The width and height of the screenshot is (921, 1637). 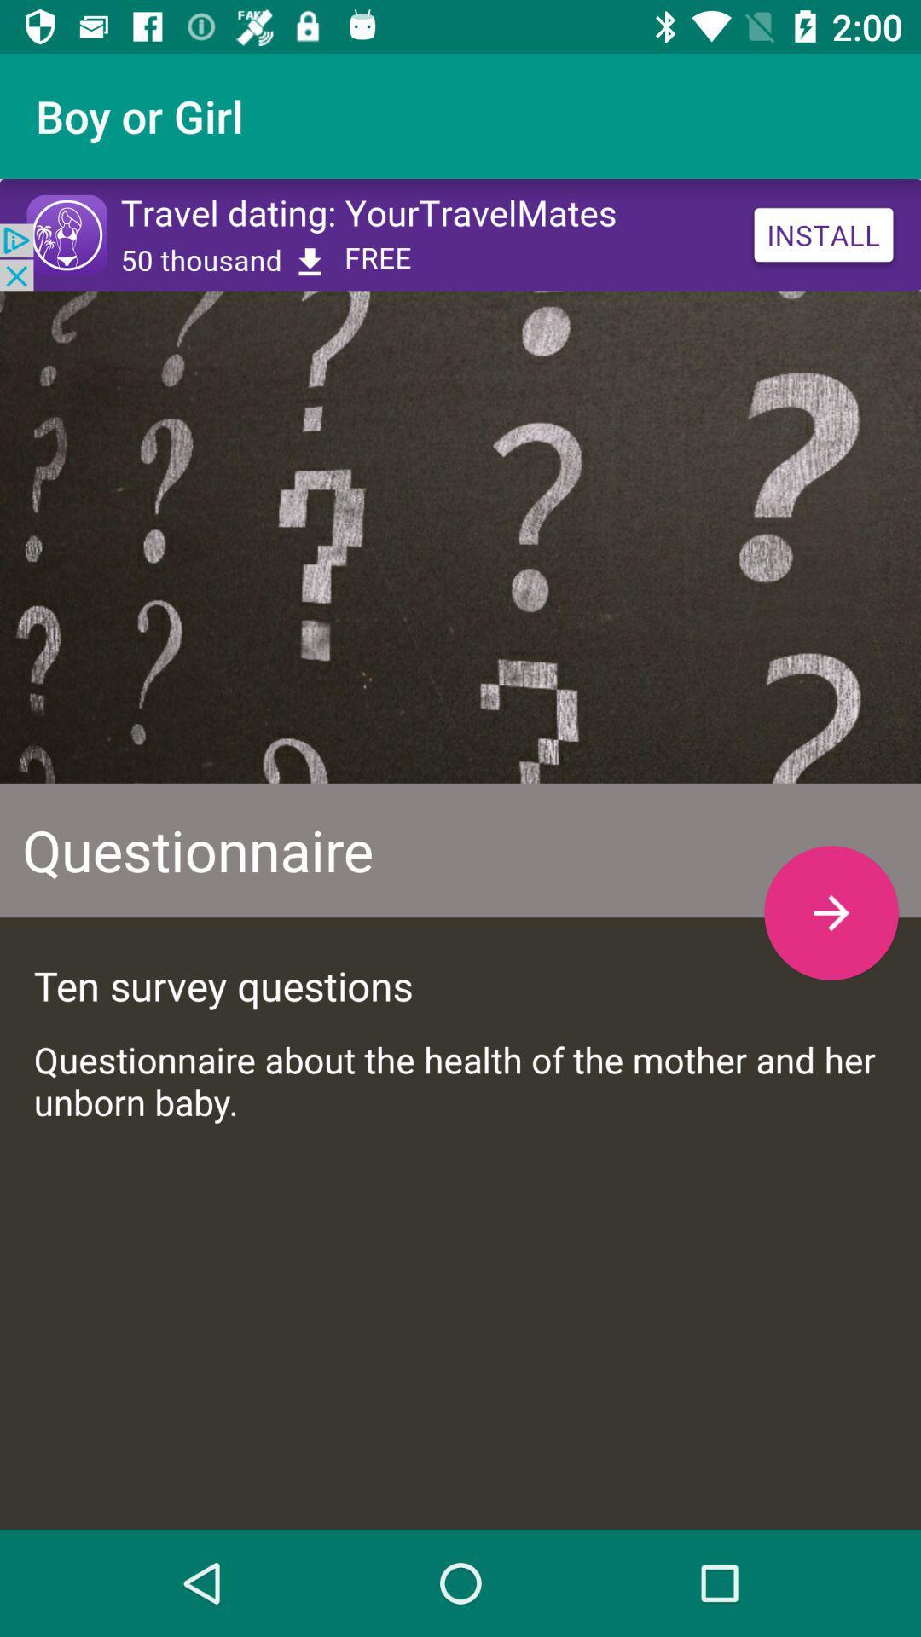 I want to click on next, so click(x=831, y=911).